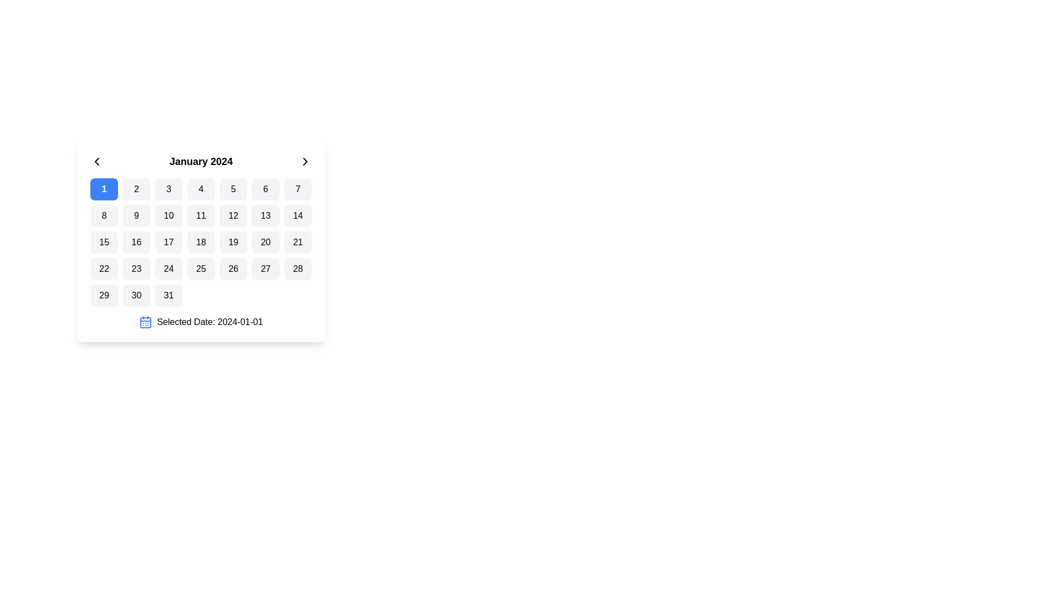 The image size is (1064, 598). What do you see at coordinates (233, 242) in the screenshot?
I see `the Button displaying the number '19' in the calendar interface by moving the cursor to its center point for interaction` at bounding box center [233, 242].